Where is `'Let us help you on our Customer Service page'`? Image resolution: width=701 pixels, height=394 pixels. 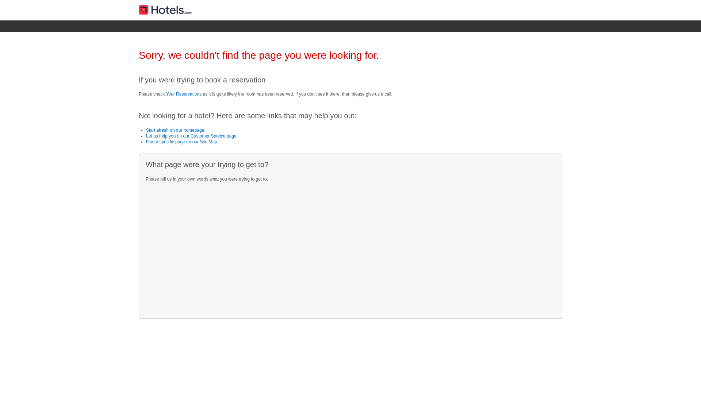 'Let us help you on our Customer Service page' is located at coordinates (191, 136).